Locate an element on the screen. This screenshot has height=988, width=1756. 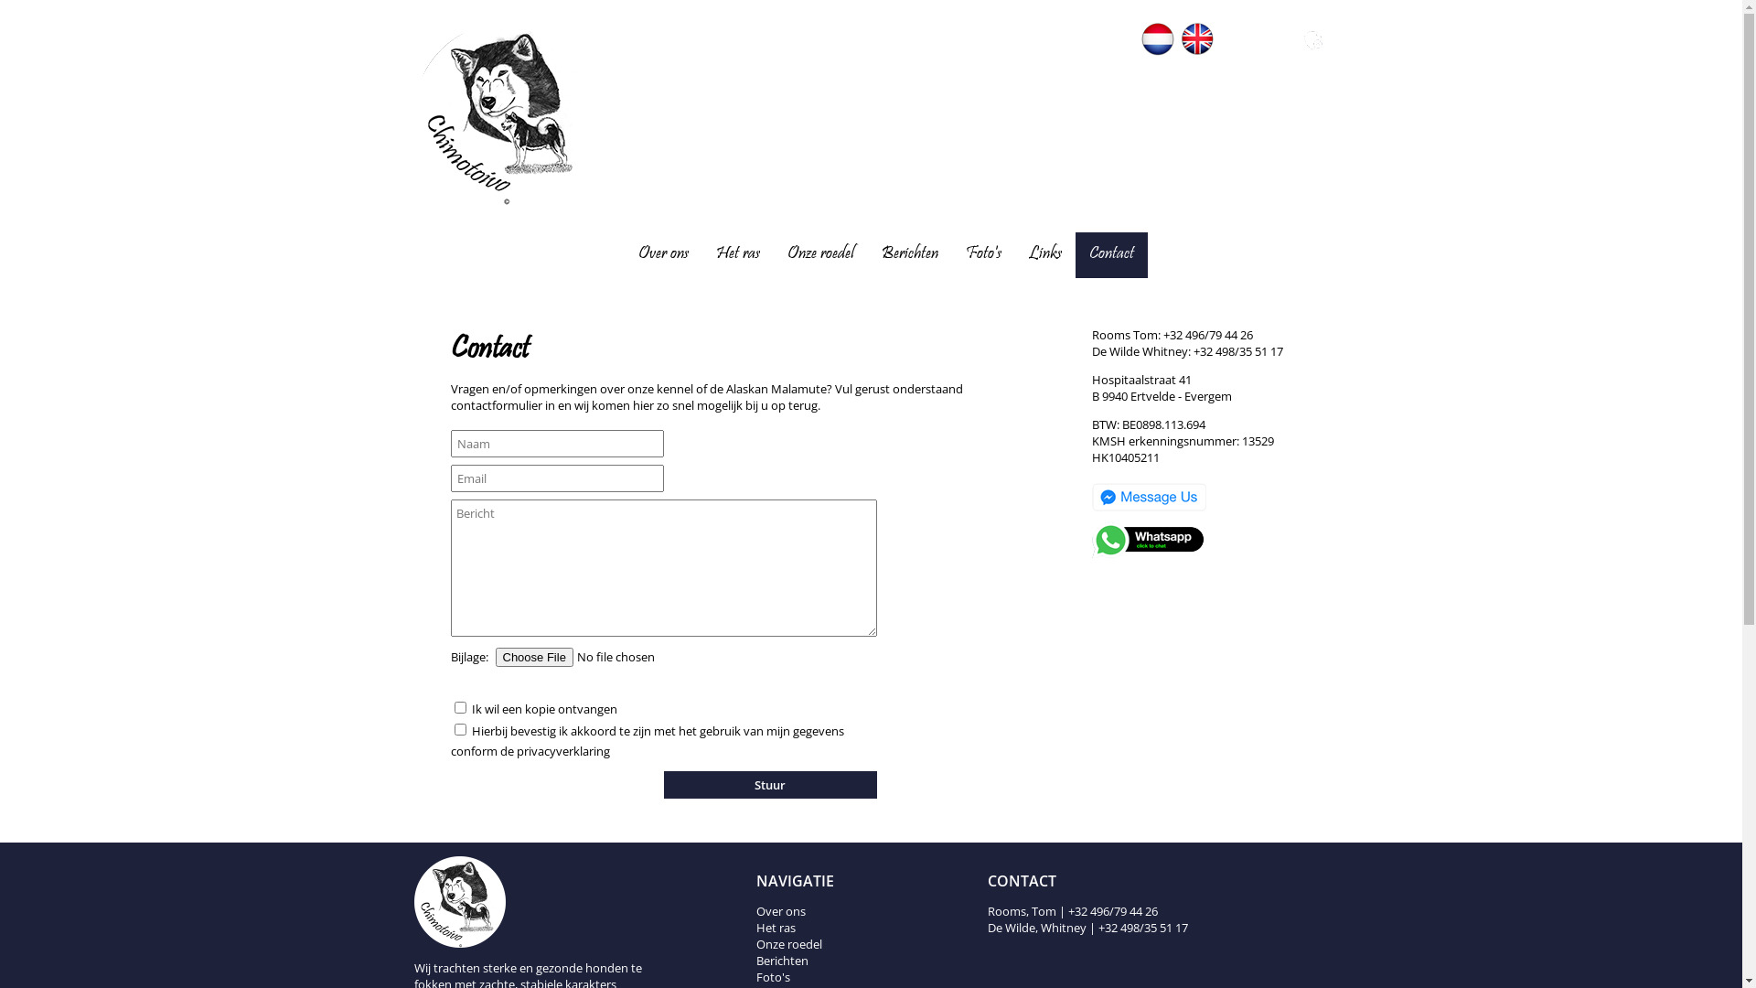
'Contact' is located at coordinates (1109, 254).